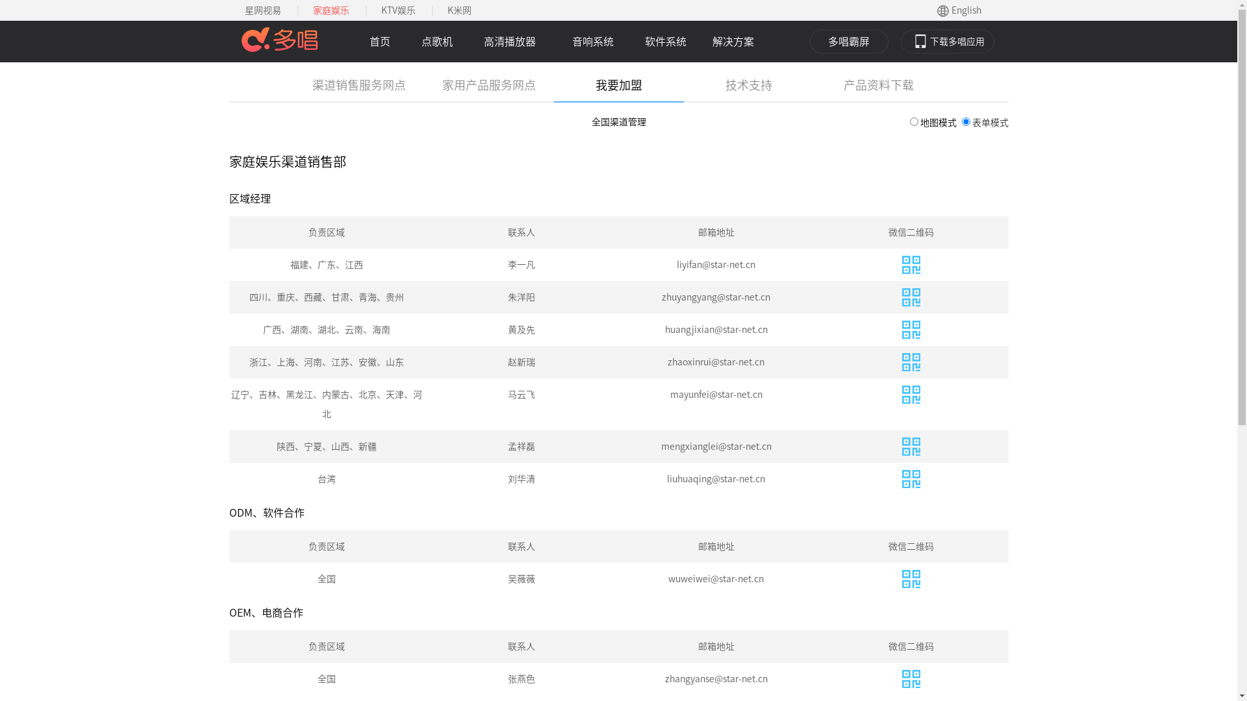  I want to click on '1', so click(913, 121).